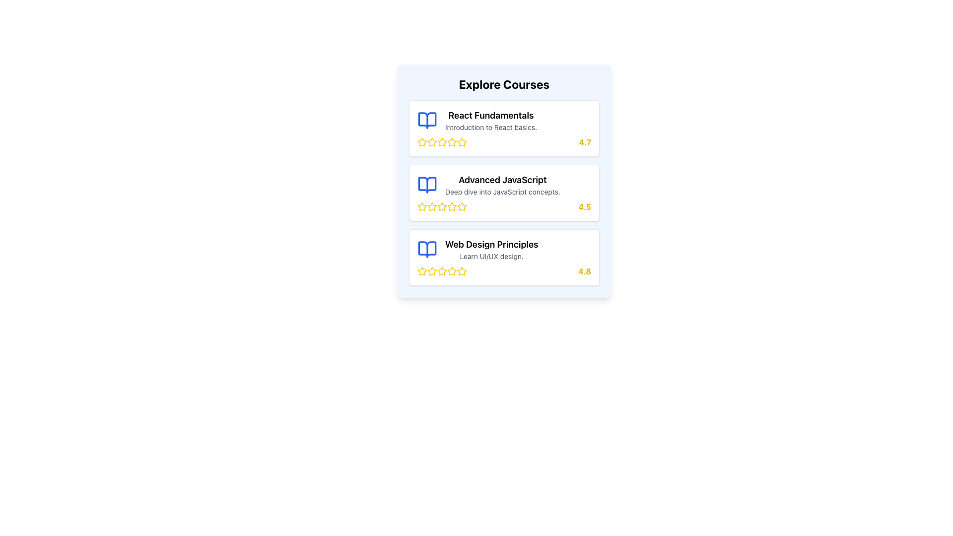  What do you see at coordinates (462, 271) in the screenshot?
I see `the eighth yellow star-shaped icon in the rating system for the 'Web Design Principles' course to interact with it, if it is interactive` at bounding box center [462, 271].